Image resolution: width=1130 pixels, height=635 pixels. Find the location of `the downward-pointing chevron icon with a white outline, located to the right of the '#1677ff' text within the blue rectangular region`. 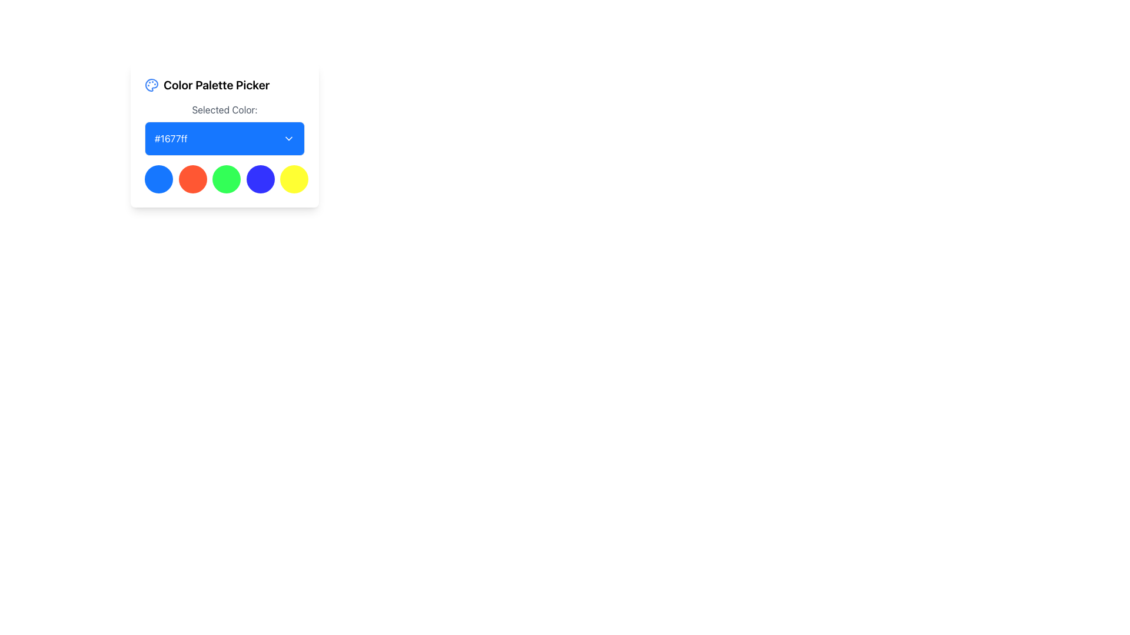

the downward-pointing chevron icon with a white outline, located to the right of the '#1677ff' text within the blue rectangular region is located at coordinates (288, 138).